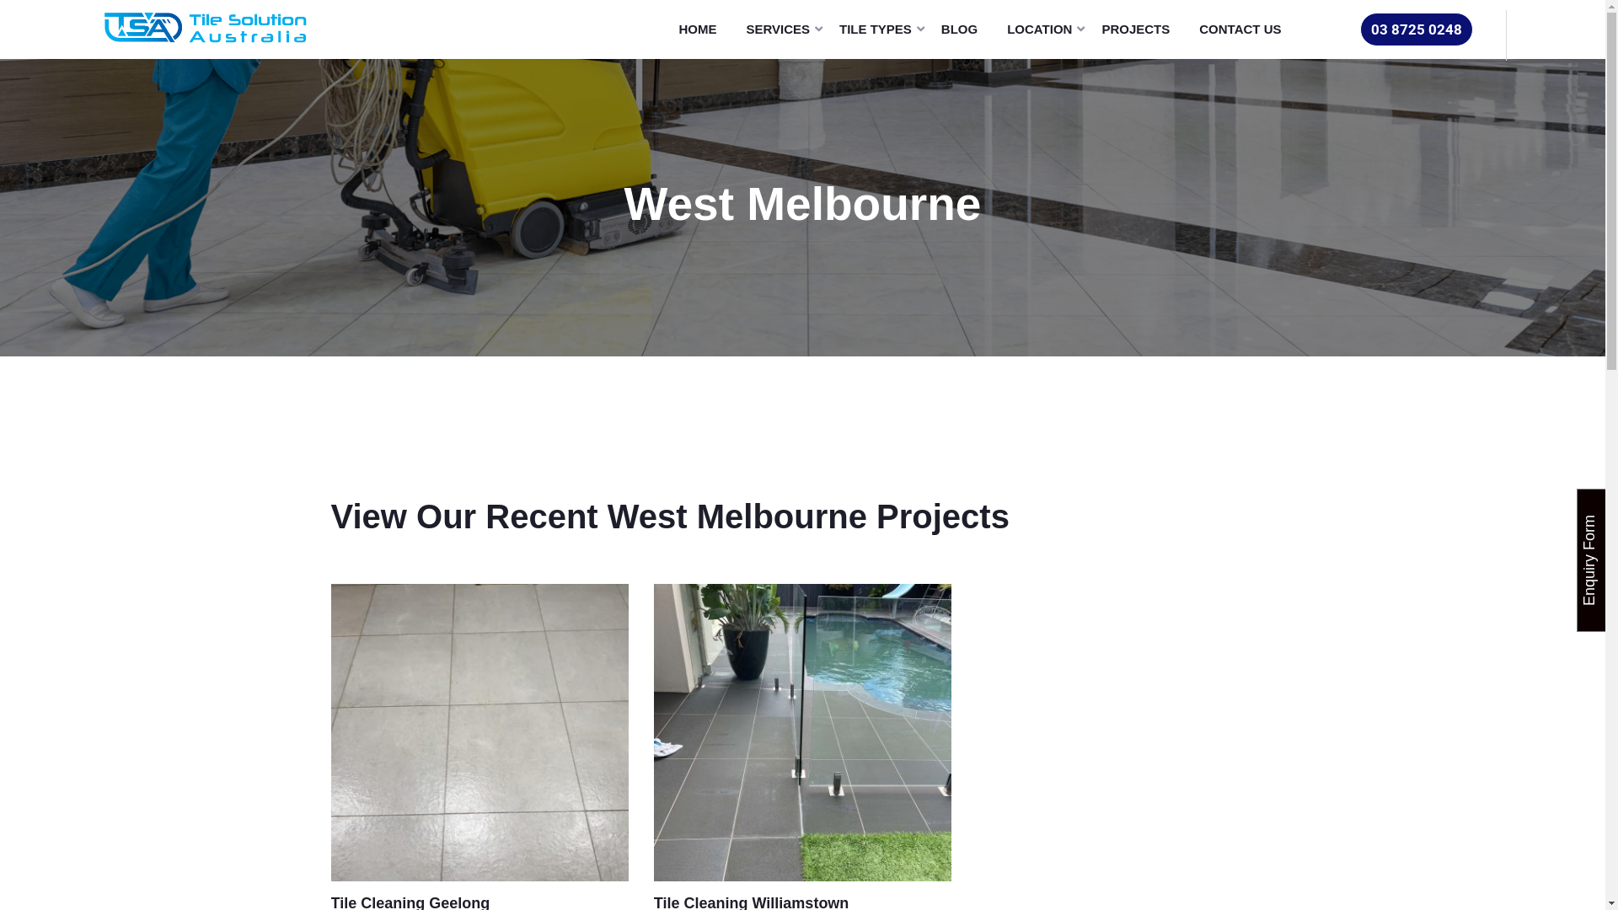 This screenshot has width=1618, height=910. What do you see at coordinates (783, 29) in the screenshot?
I see `'SERVICES'` at bounding box center [783, 29].